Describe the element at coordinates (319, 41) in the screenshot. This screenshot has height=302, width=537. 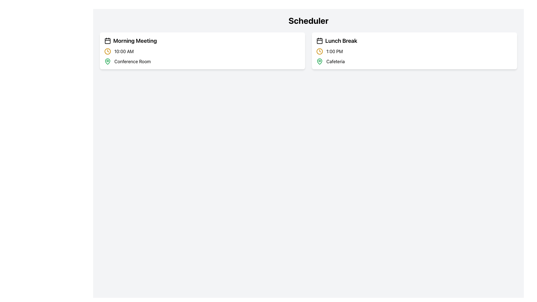
I see `the calendar icon located within the 'Lunch Break' card, which serves as a visual indicator for the 'Lunch Break' event` at that location.